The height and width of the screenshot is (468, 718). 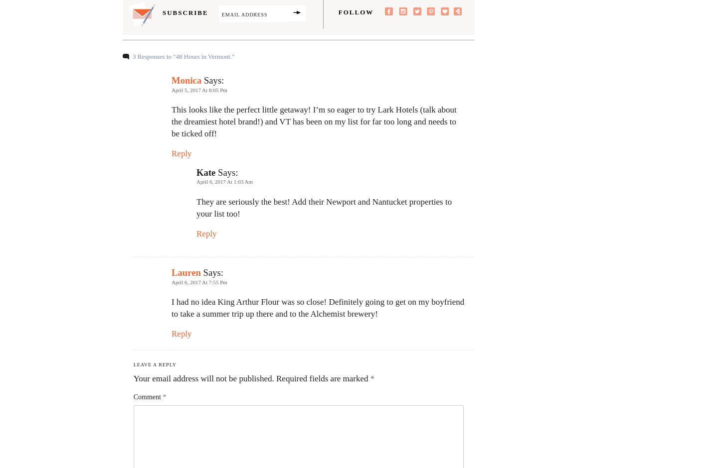 What do you see at coordinates (195, 207) in the screenshot?
I see `'They are seriously the best! Add their Newport and Nantucket properties to your list too!'` at bounding box center [195, 207].